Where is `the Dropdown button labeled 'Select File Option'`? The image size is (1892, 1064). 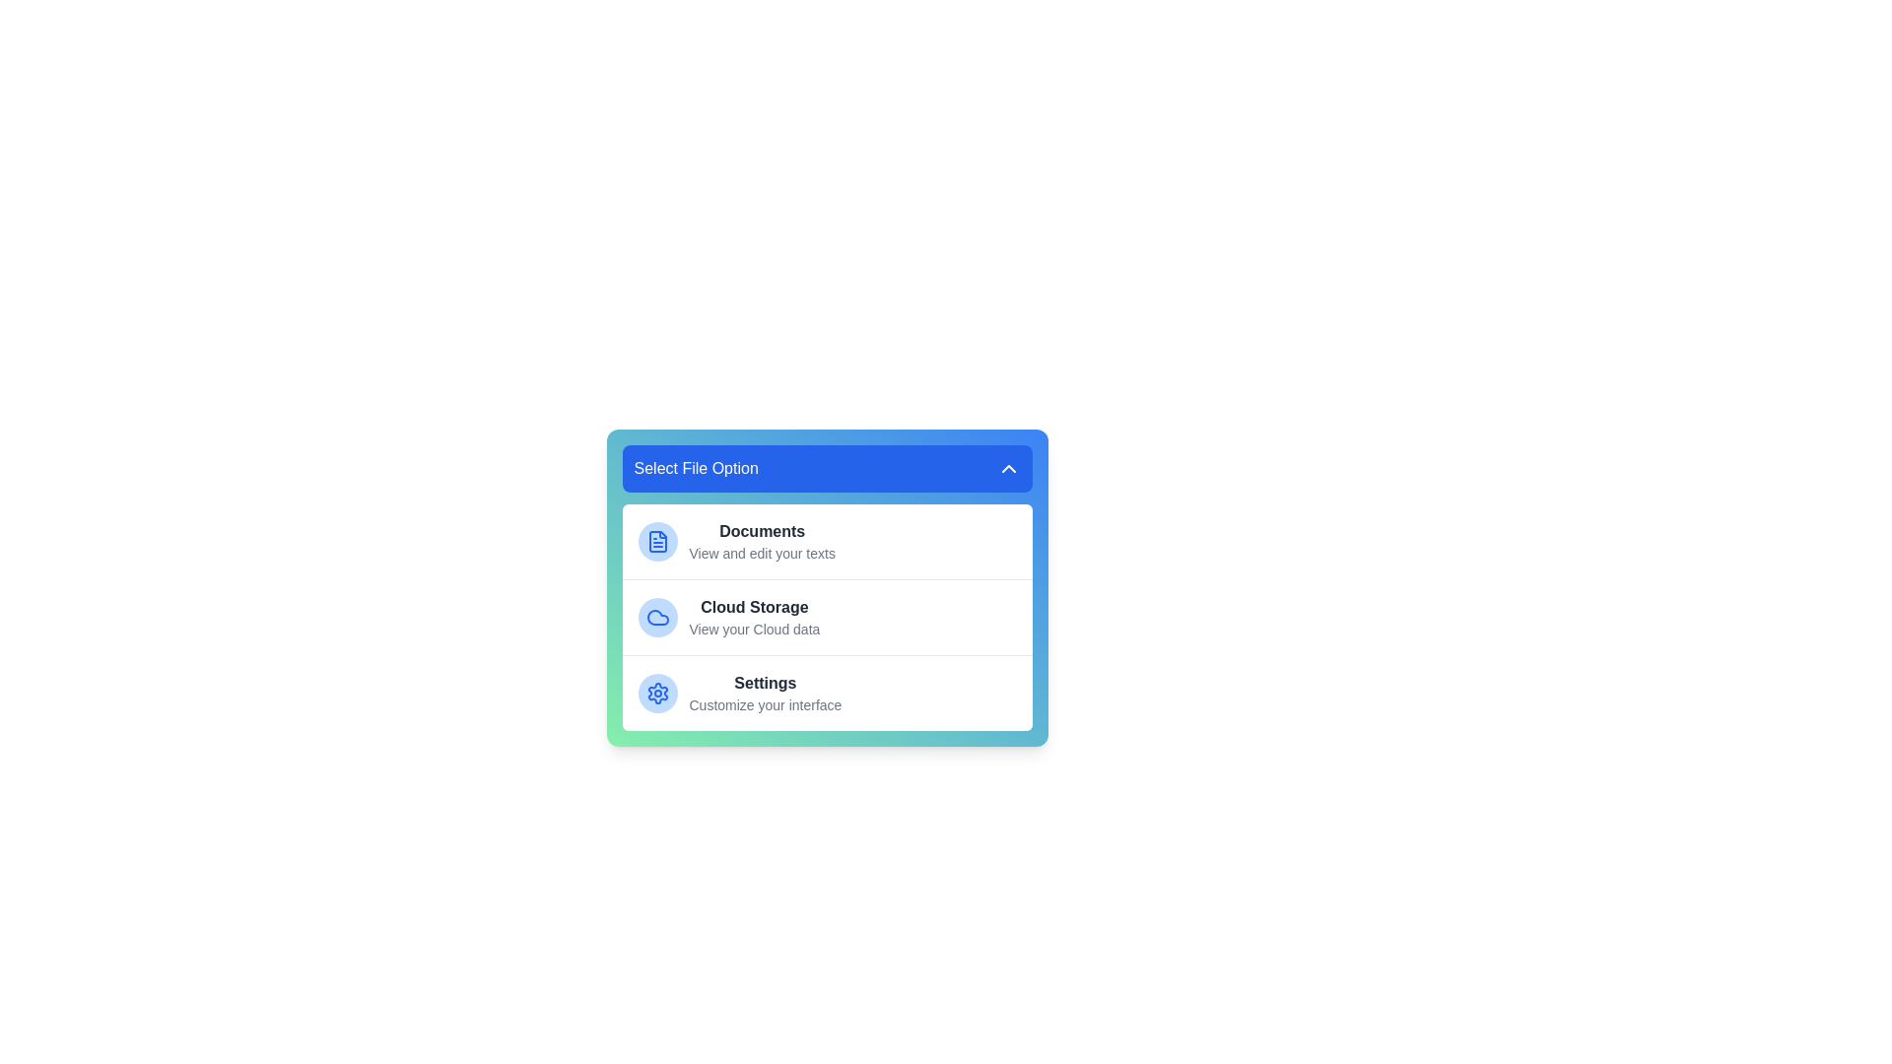 the Dropdown button labeled 'Select File Option' is located at coordinates (827, 468).